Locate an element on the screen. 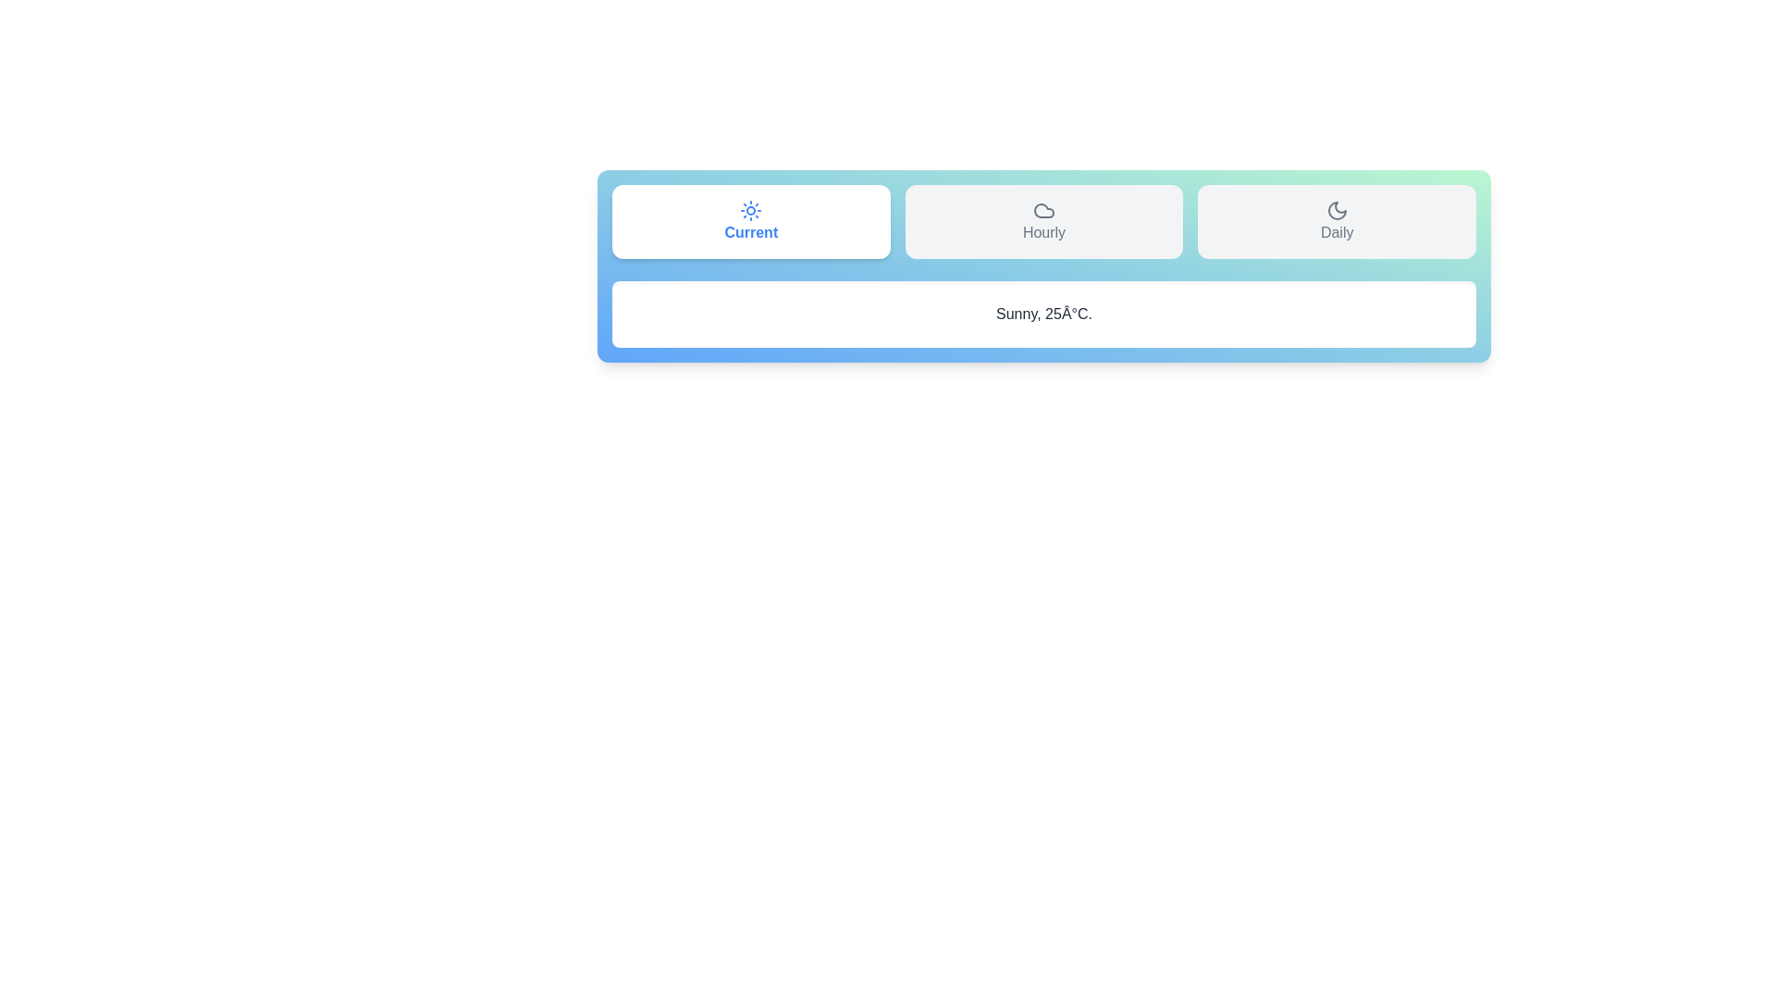 The width and height of the screenshot is (1776, 999). the Daily tab is located at coordinates (1336, 220).